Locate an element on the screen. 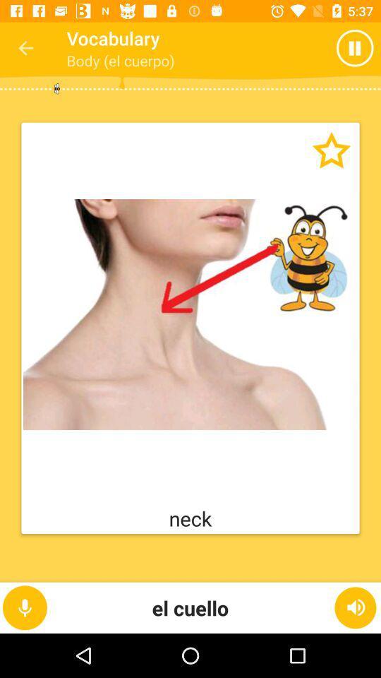 Image resolution: width=381 pixels, height=678 pixels. item to the right of body (el cuerpo) icon is located at coordinates (358, 48).